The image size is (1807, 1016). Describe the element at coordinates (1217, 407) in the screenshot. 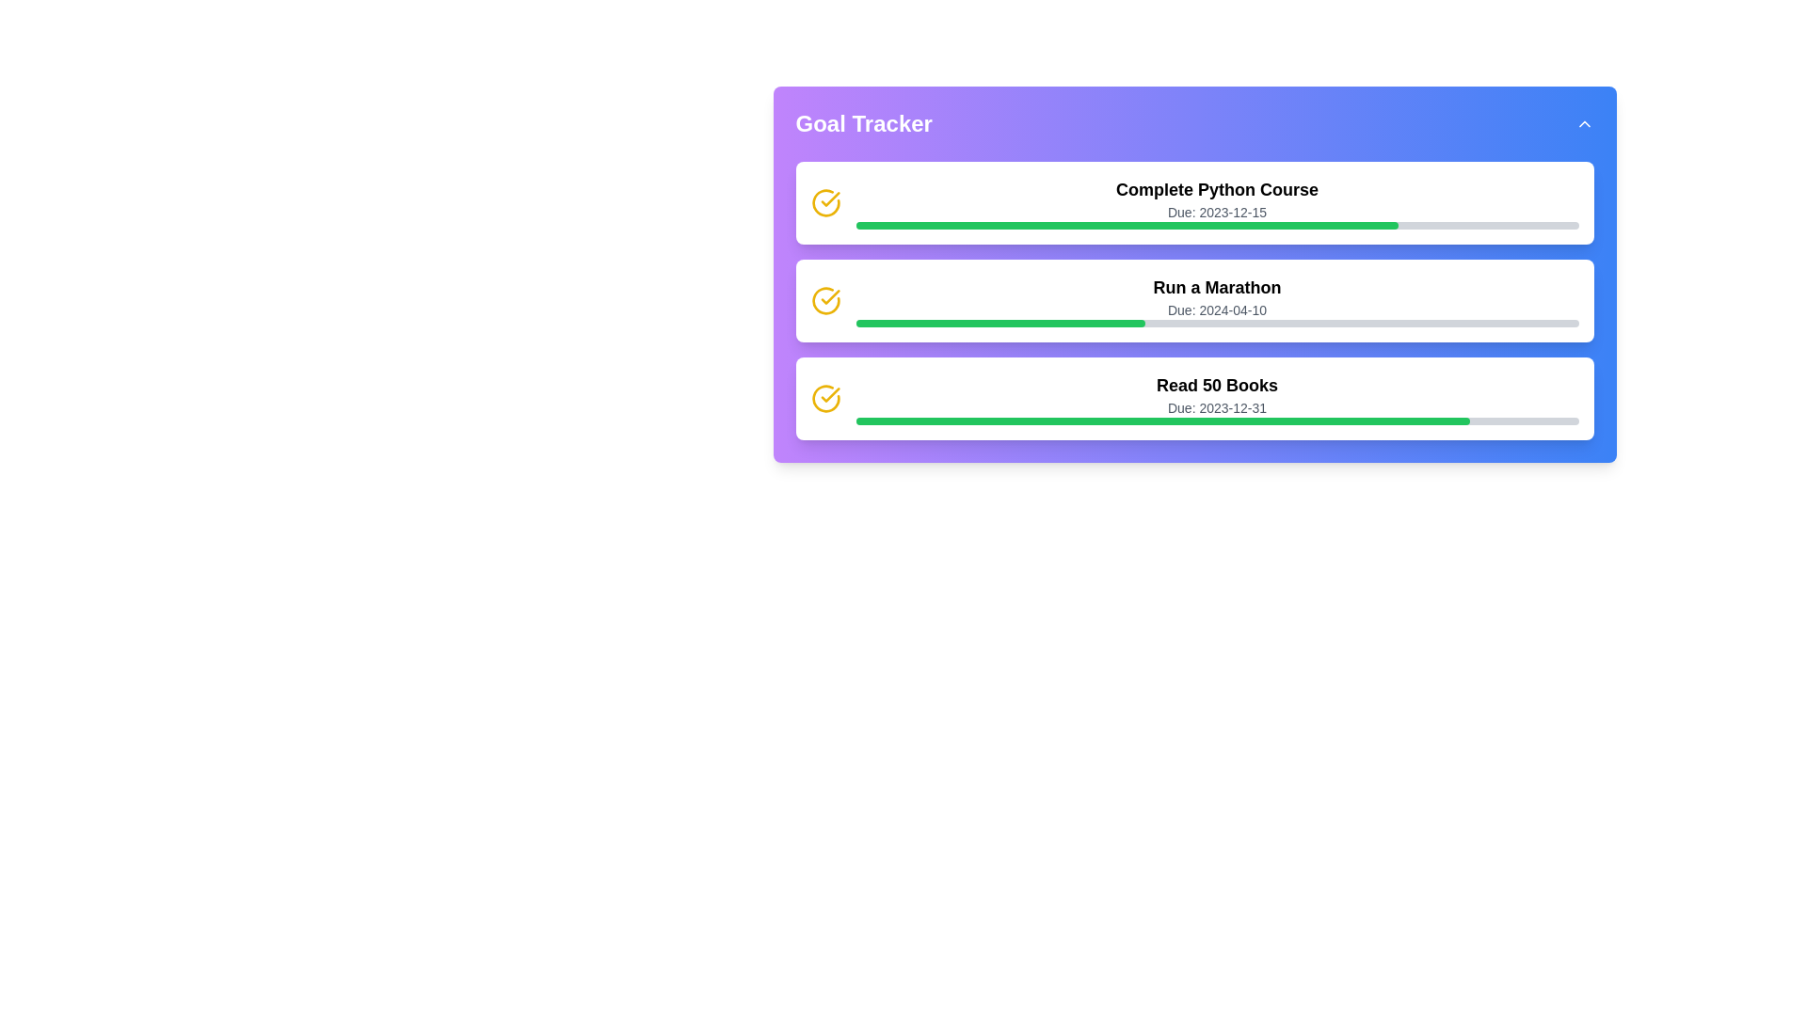

I see `static text label indicating the due date for the associated goal, which is positioned beneath the 'Read 50 Books' heading and above the progress bar` at that location.